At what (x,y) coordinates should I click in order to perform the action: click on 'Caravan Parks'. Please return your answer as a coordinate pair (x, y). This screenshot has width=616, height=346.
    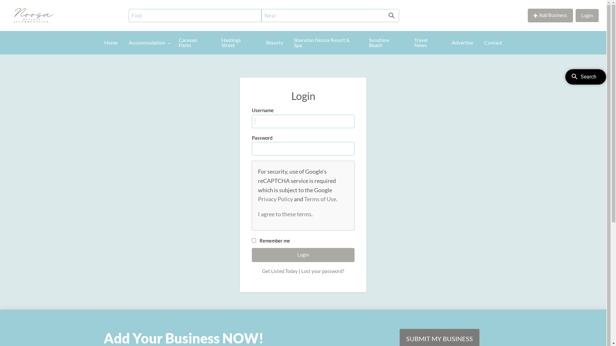
    Looking at the image, I should click on (194, 43).